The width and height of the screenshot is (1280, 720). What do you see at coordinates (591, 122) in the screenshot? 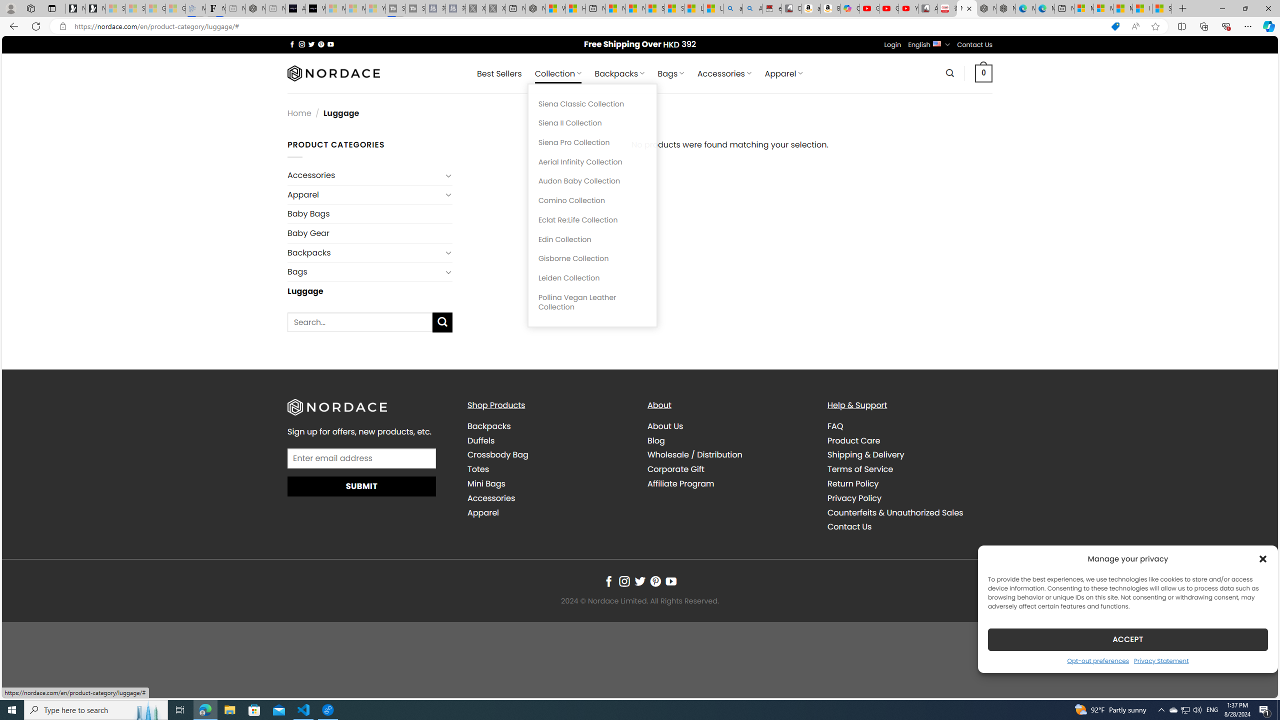
I see `'Siena II Collection'` at bounding box center [591, 122].